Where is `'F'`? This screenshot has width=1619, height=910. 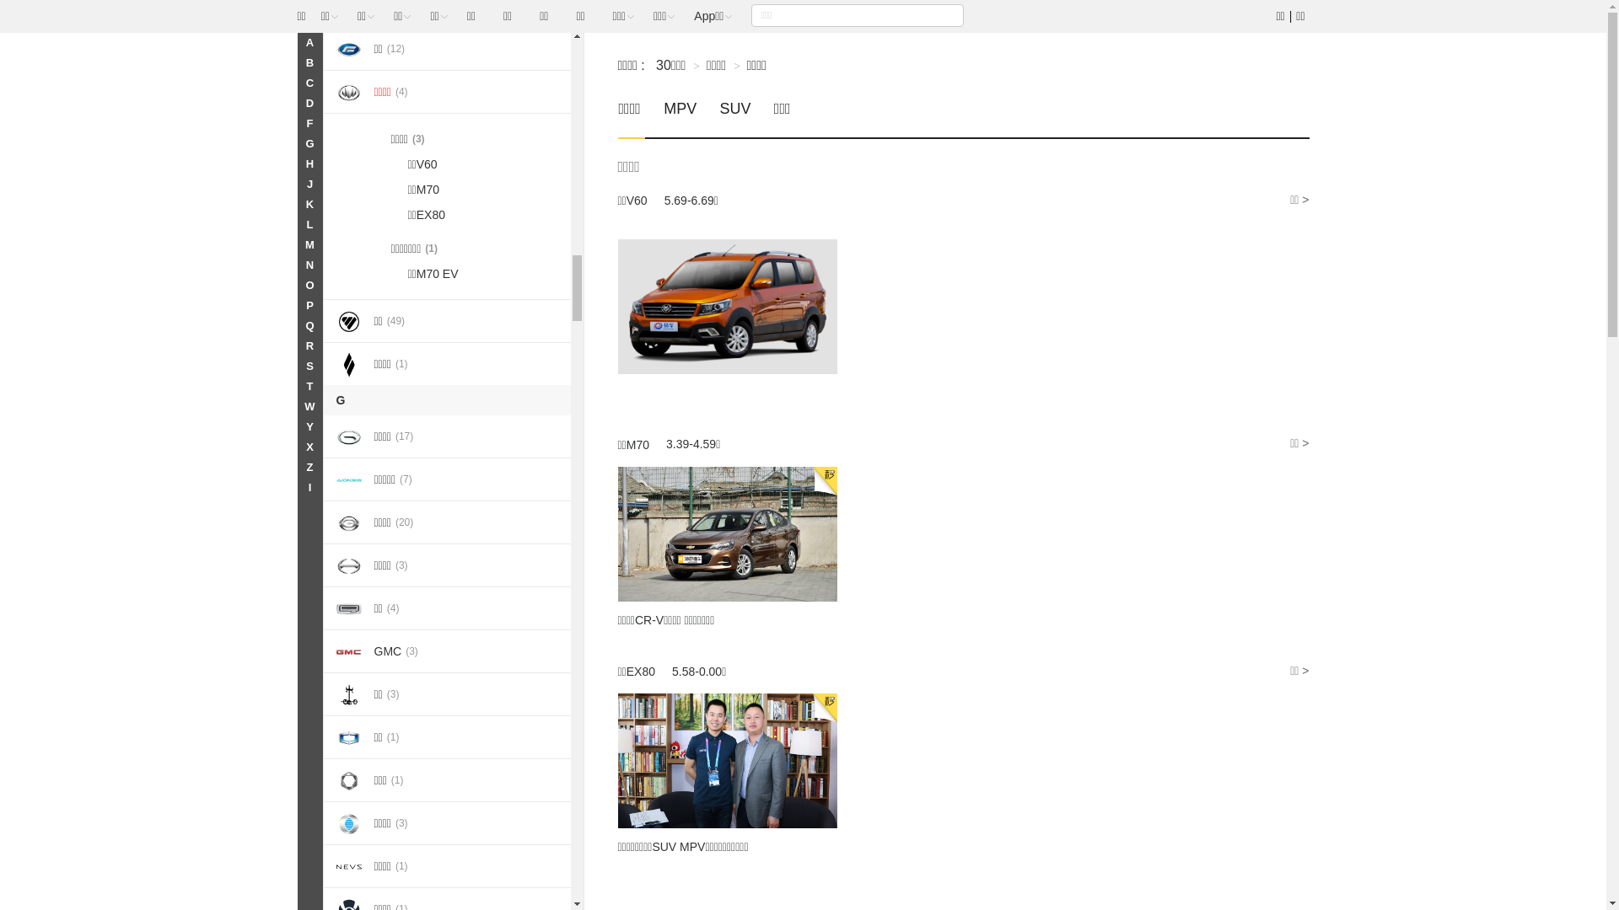
'F' is located at coordinates (309, 122).